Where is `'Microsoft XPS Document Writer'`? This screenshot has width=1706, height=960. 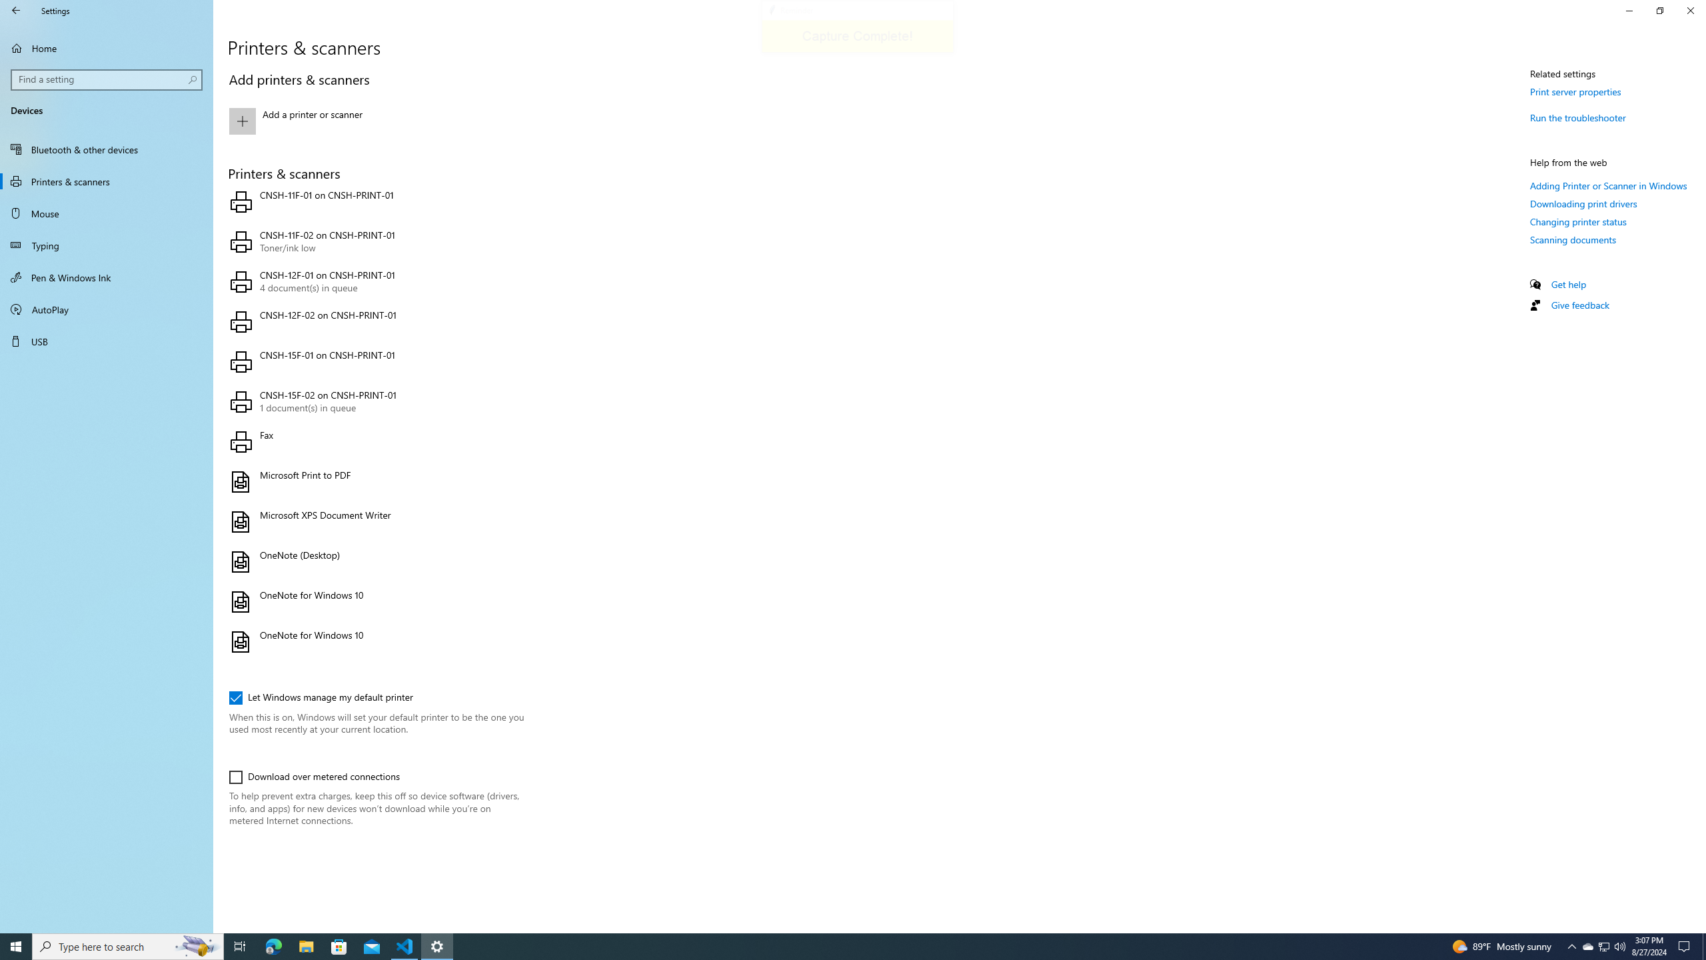 'Microsoft XPS Document Writer' is located at coordinates (373, 521).